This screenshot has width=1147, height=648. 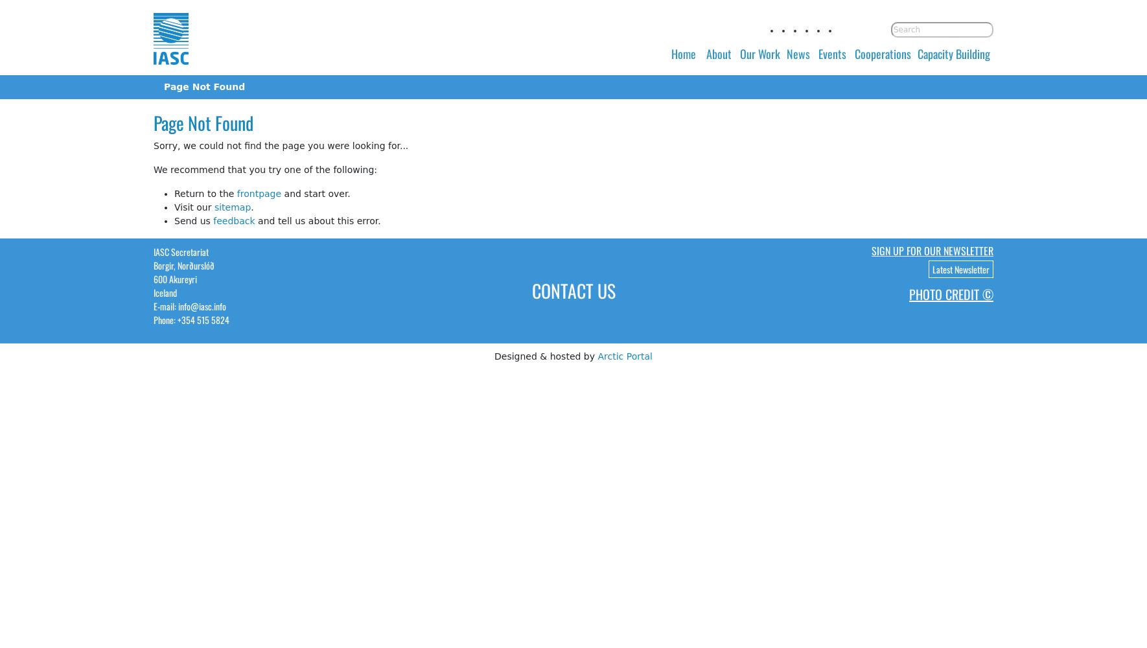 What do you see at coordinates (174, 193) in the screenshot?
I see `'Return to the'` at bounding box center [174, 193].